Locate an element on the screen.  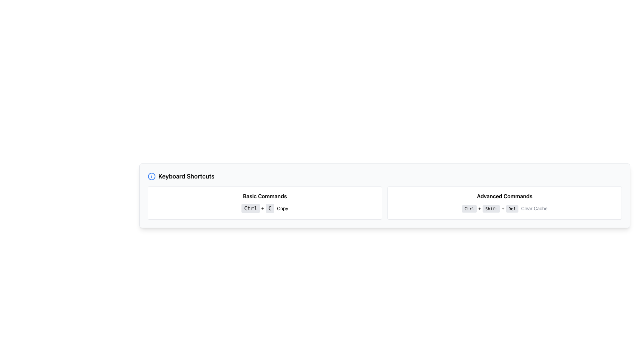
text of the 'Del' key label located in the 'Advanced Commands' section, positioned between the 'Shift' key label and the 'Clear Cache' label is located at coordinates (512, 208).